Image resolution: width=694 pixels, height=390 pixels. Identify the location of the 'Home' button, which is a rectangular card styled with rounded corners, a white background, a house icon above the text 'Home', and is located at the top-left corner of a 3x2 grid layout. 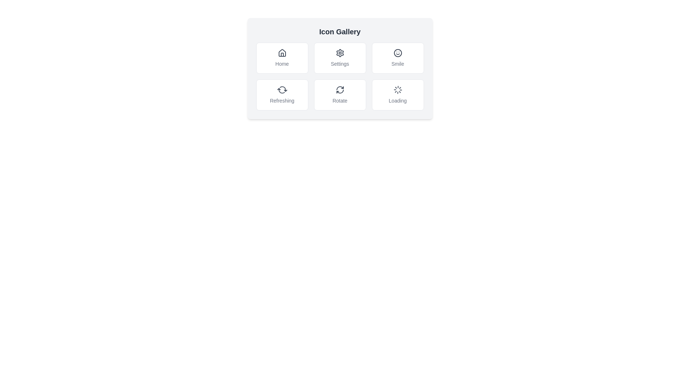
(282, 58).